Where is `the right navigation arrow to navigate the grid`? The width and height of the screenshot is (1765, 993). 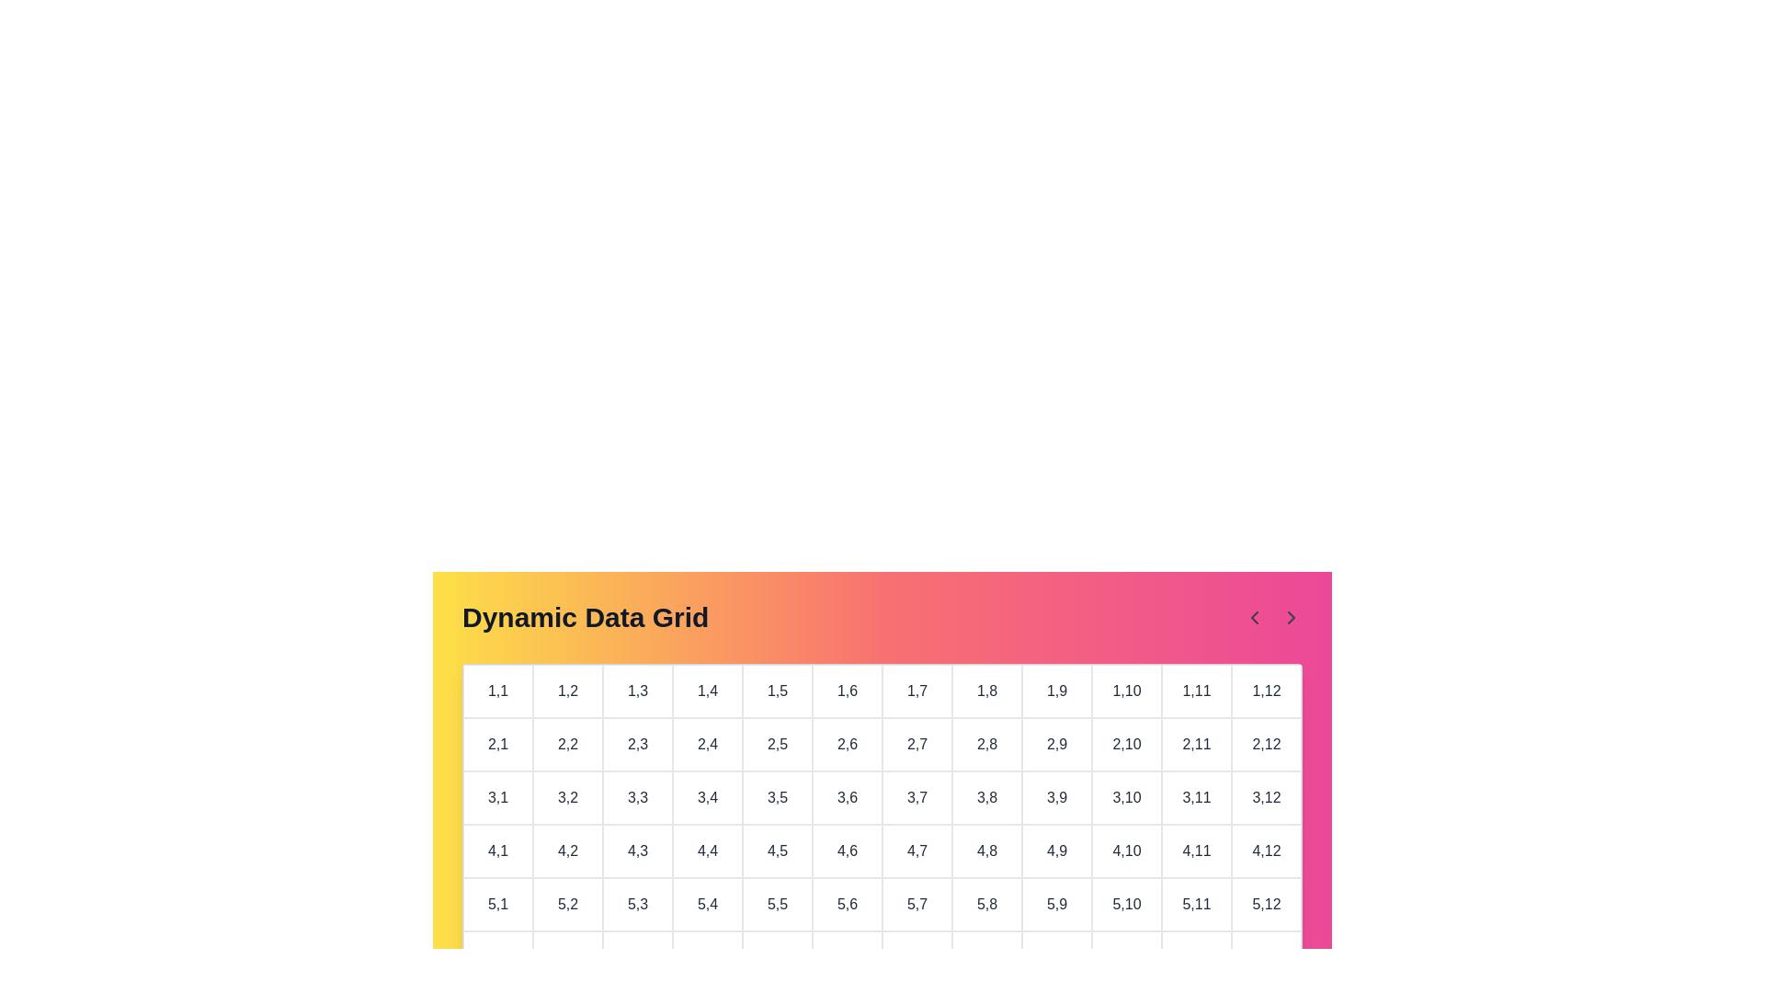 the right navigation arrow to navigate the grid is located at coordinates (1291, 617).